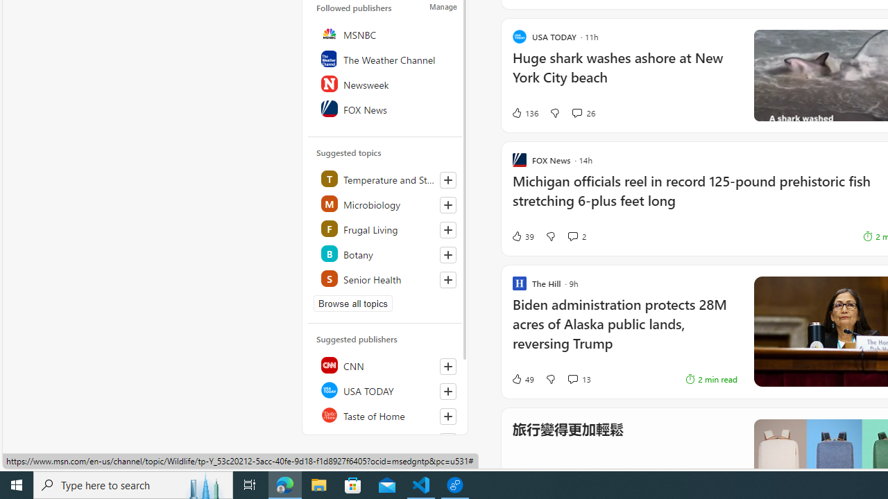 The image size is (888, 499). Describe the element at coordinates (386, 390) in the screenshot. I see `'USA TODAY'` at that location.